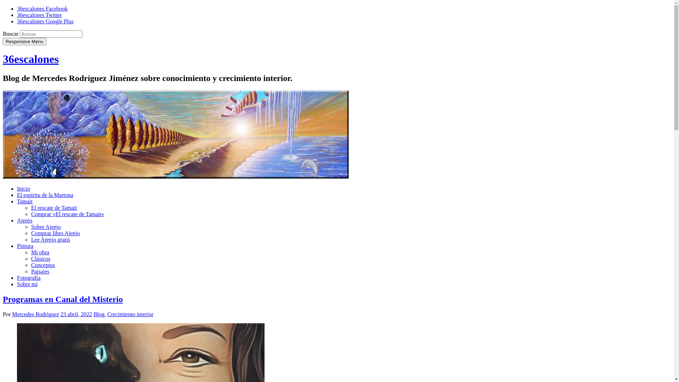 This screenshot has width=679, height=382. Describe the element at coordinates (63, 299) in the screenshot. I see `'Programas en Canal del Misterio'` at that location.